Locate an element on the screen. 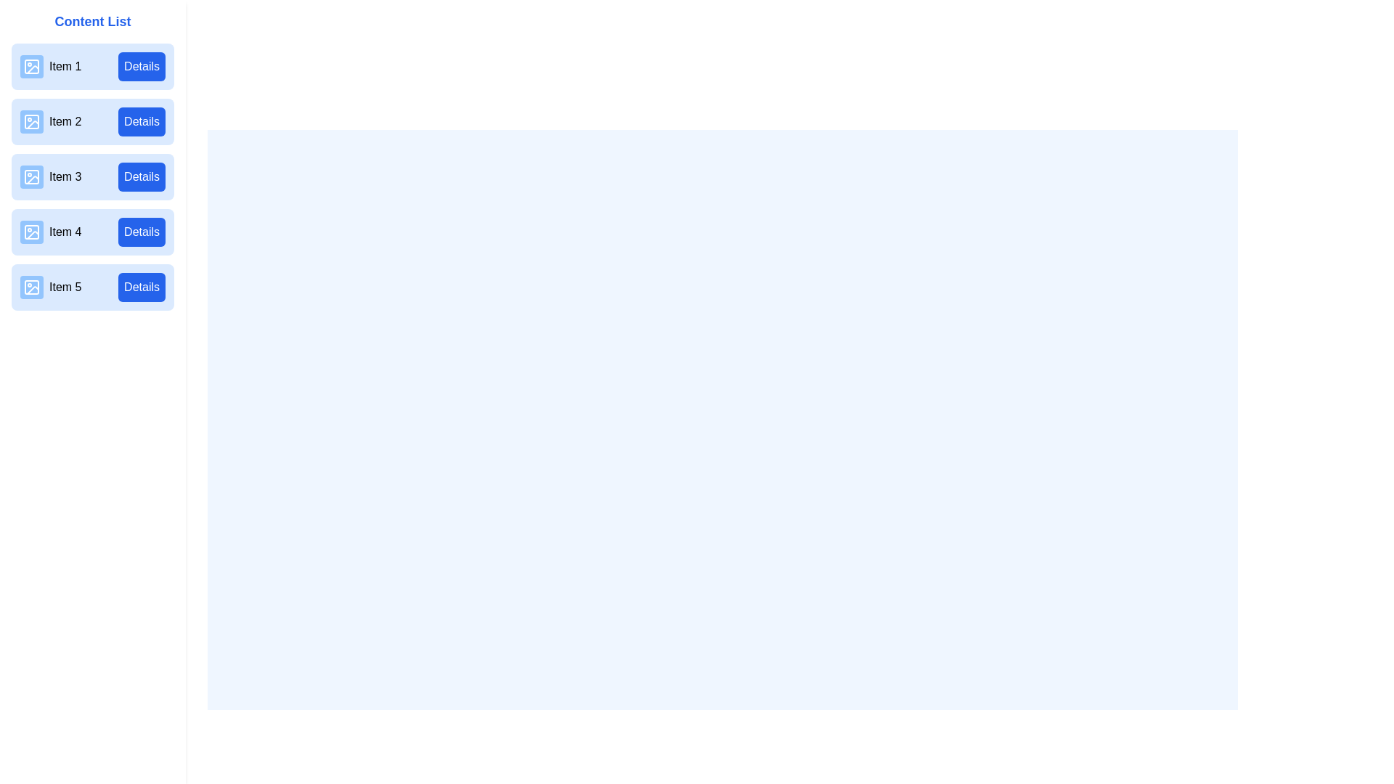 This screenshot has height=784, width=1394. the crossed-out removal marker icon located to the left of the text 'Item 5' in the bottom-most entry of the vertically-listed group of items is located at coordinates (33, 290).